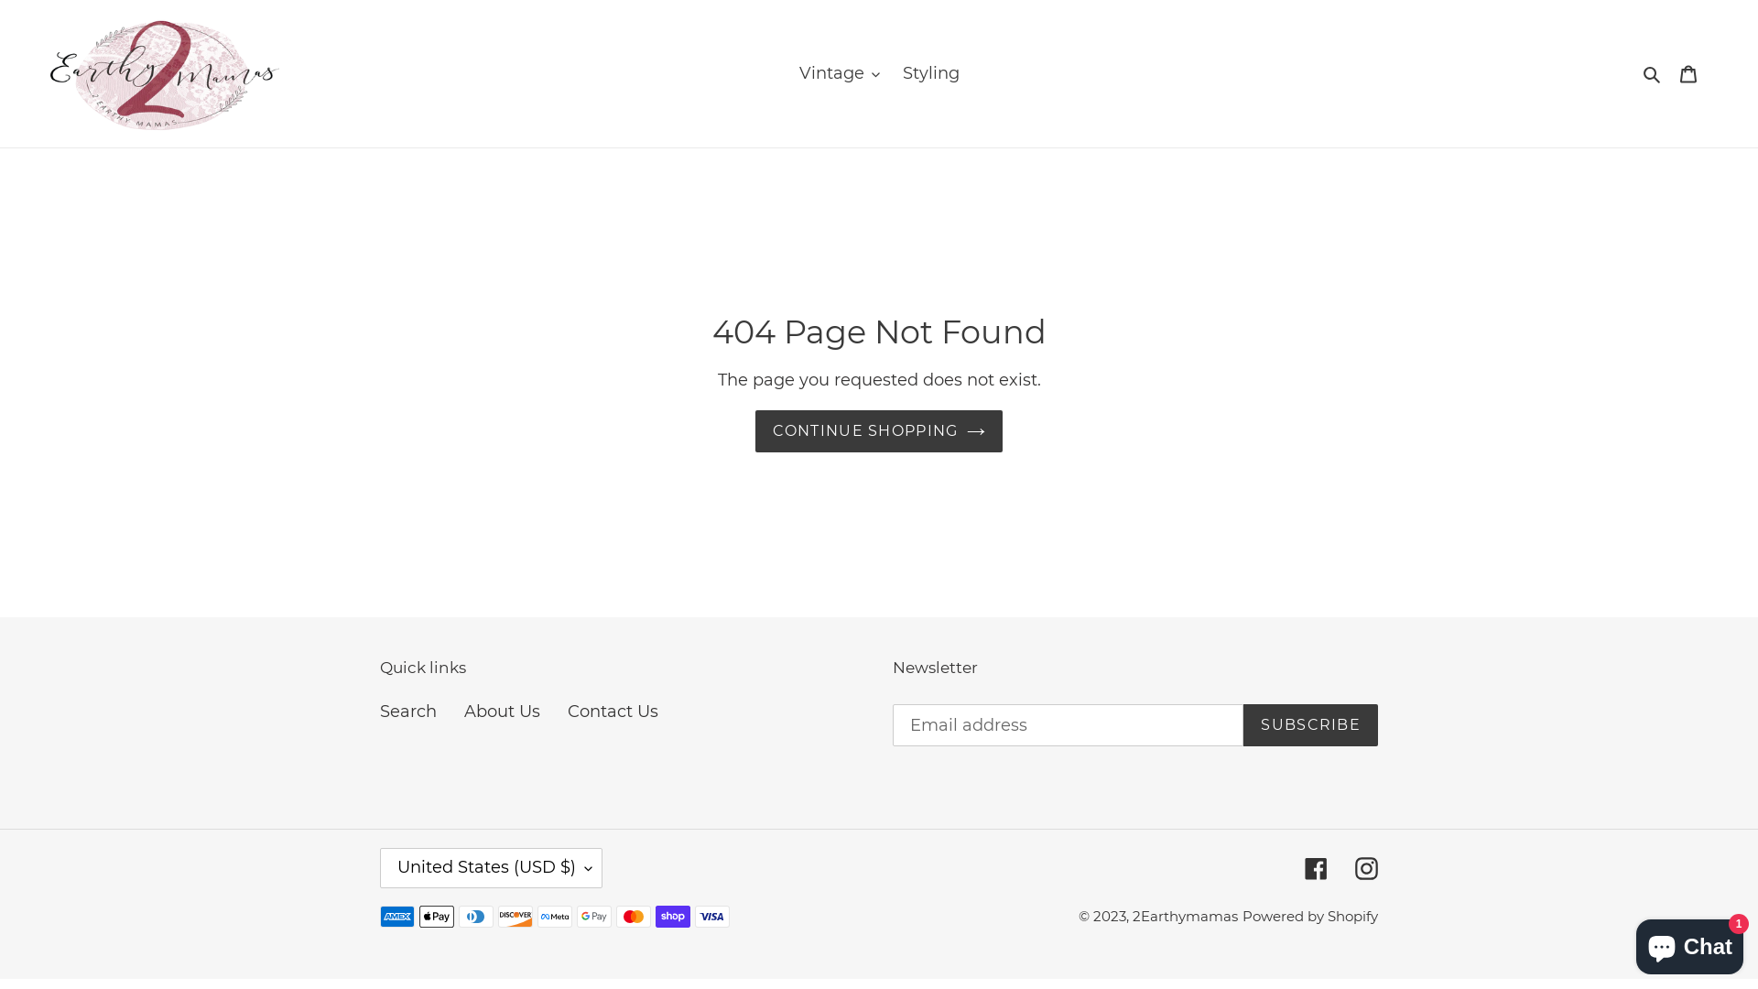  What do you see at coordinates (789, 72) in the screenshot?
I see `'Vintage'` at bounding box center [789, 72].